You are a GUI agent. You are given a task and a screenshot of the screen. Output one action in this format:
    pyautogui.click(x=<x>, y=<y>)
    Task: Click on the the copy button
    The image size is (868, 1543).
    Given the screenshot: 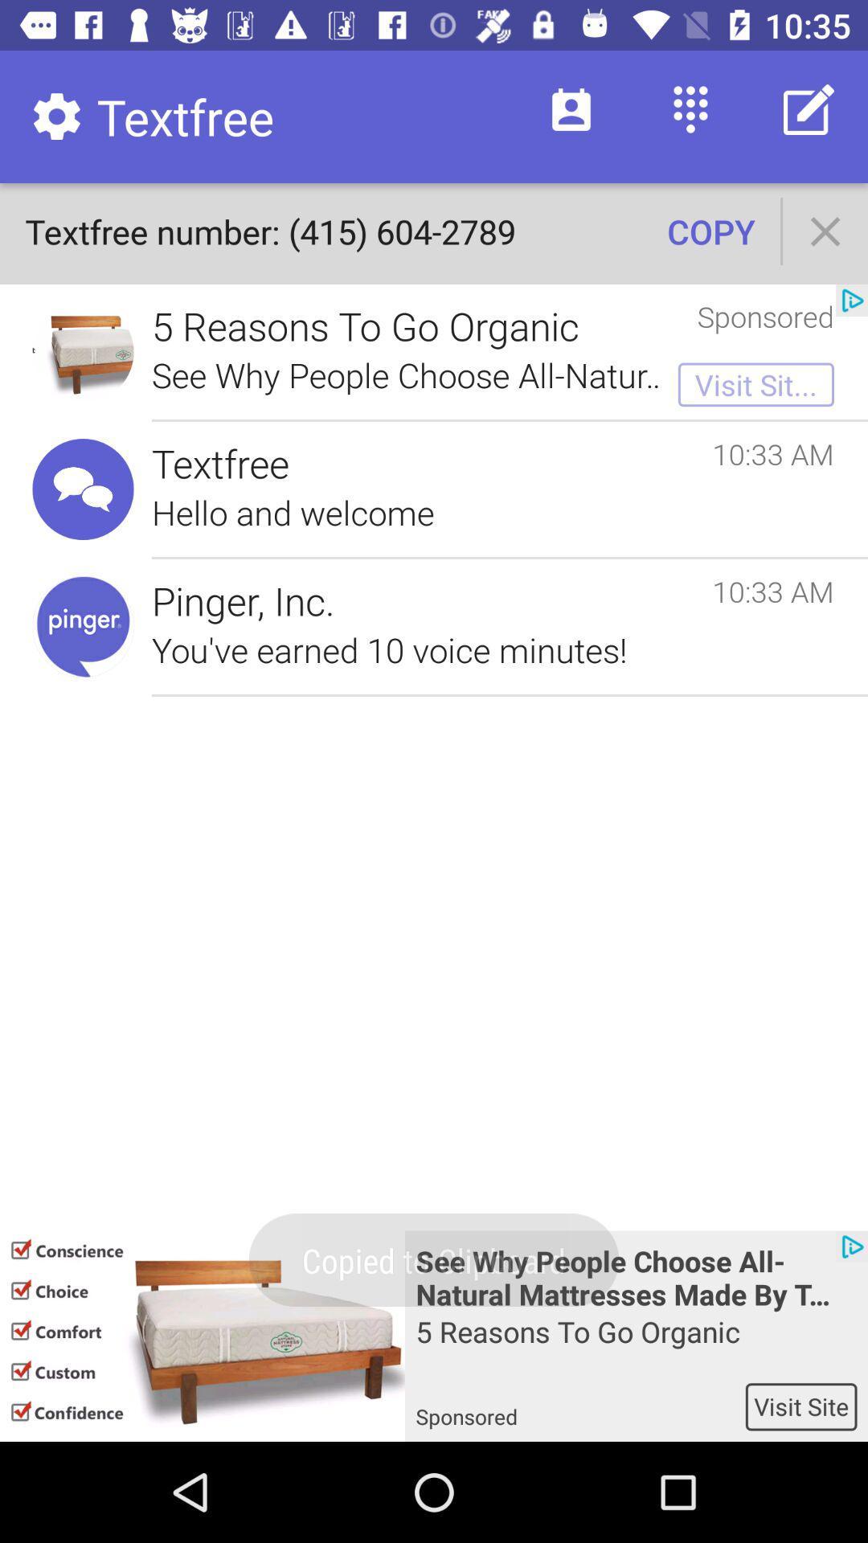 What is the action you would take?
    pyautogui.click(x=710, y=231)
    